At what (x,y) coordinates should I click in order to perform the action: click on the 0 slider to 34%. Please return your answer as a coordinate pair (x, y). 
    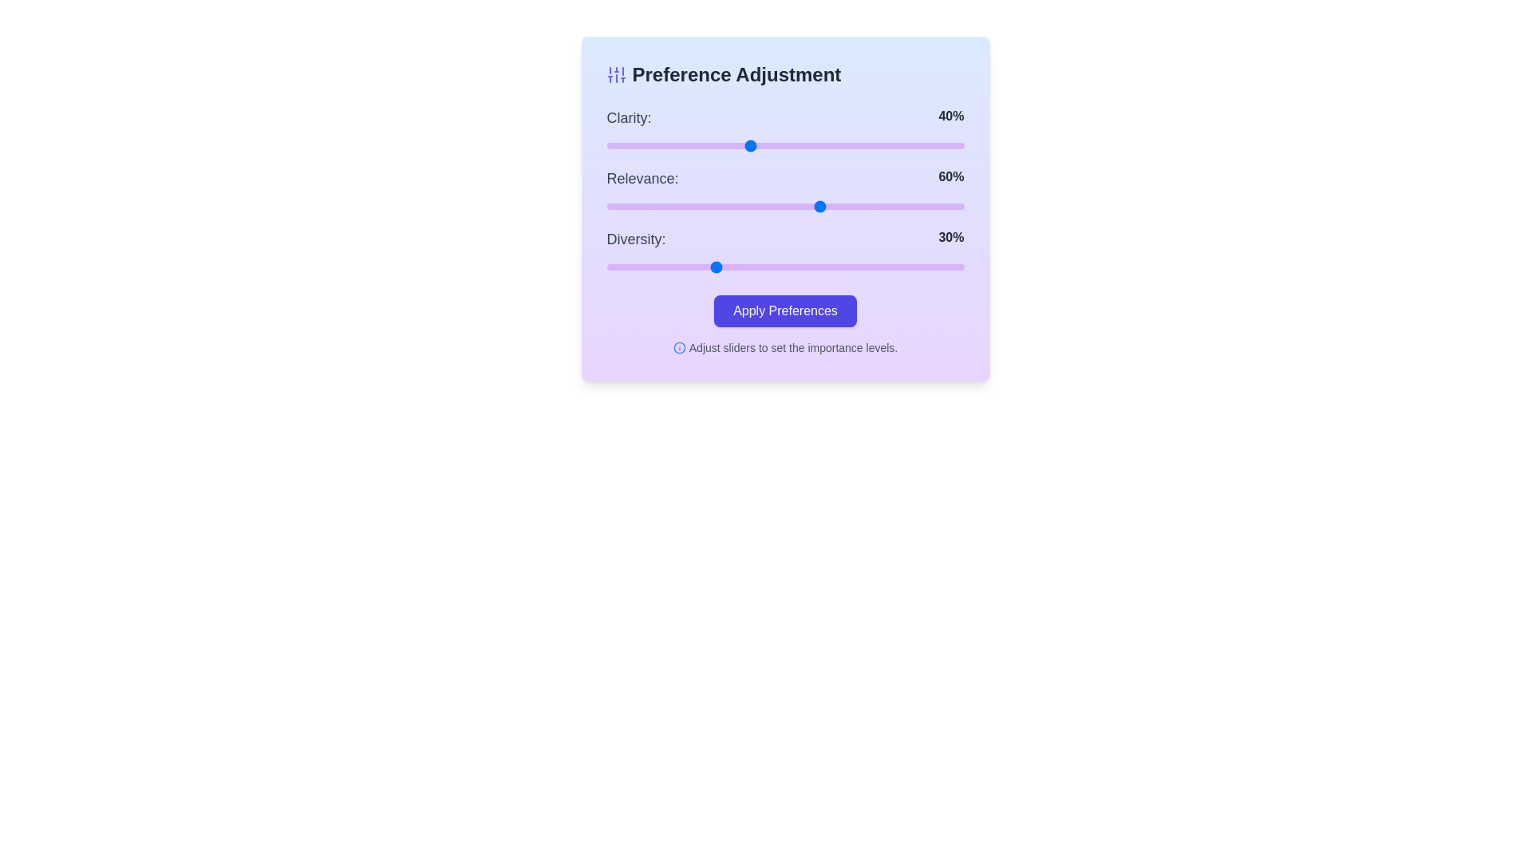
    Looking at the image, I should click on (727, 145).